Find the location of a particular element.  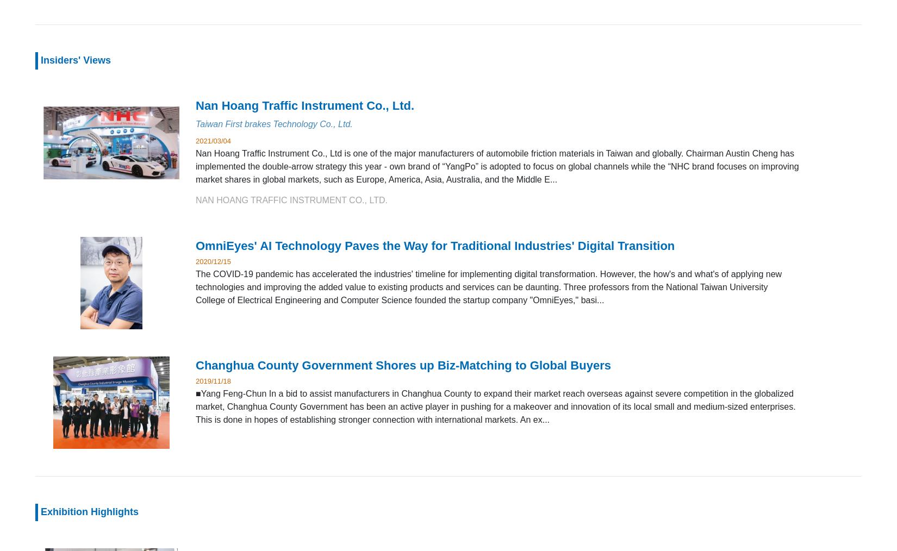

'■Yang Feng-Chun

In a bid to assist manufacturers in Changhua County to expand their market reach overseas against severe competition in the globalized market, Changhua County Government has been an active player in pushing for a makeover and innovation of its local small and medium-sized enterprises. This is done in hopes of establishing stronger connection with international markets.

An ex...' is located at coordinates (196, 405).